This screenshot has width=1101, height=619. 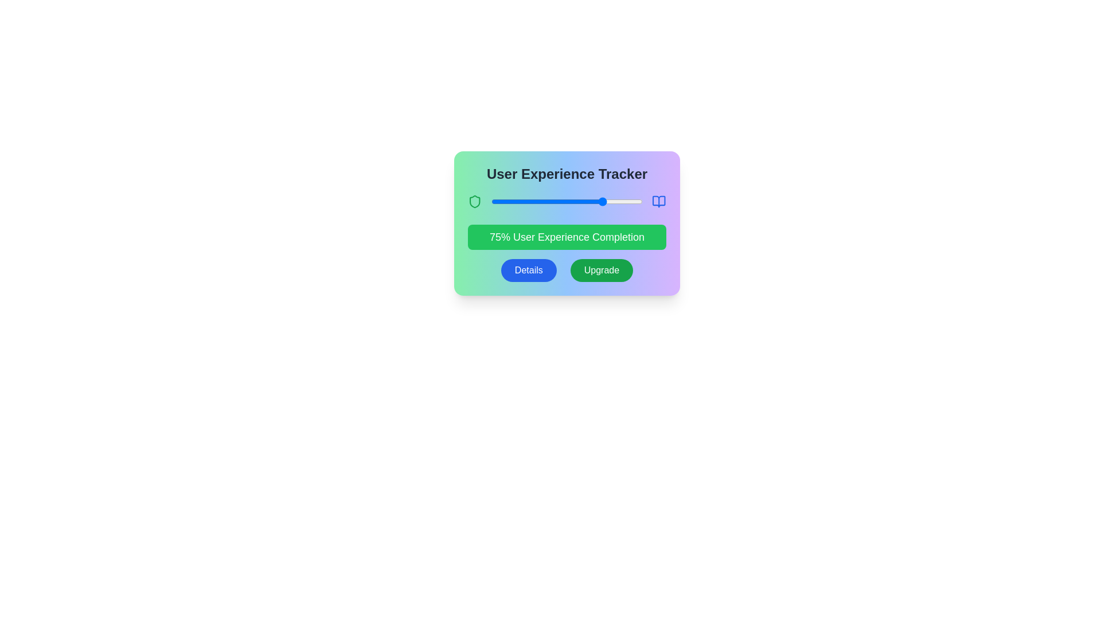 I want to click on the slider to set the progress to 41%, so click(x=553, y=201).